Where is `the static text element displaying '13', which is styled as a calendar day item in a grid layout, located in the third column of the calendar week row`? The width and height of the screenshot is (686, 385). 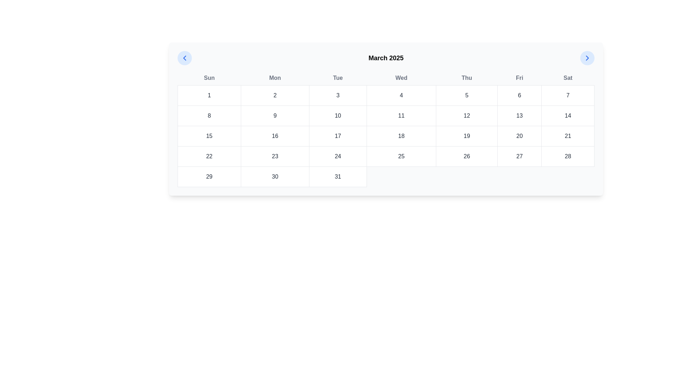 the static text element displaying '13', which is styled as a calendar day item in a grid layout, located in the third column of the calendar week row is located at coordinates (520, 115).